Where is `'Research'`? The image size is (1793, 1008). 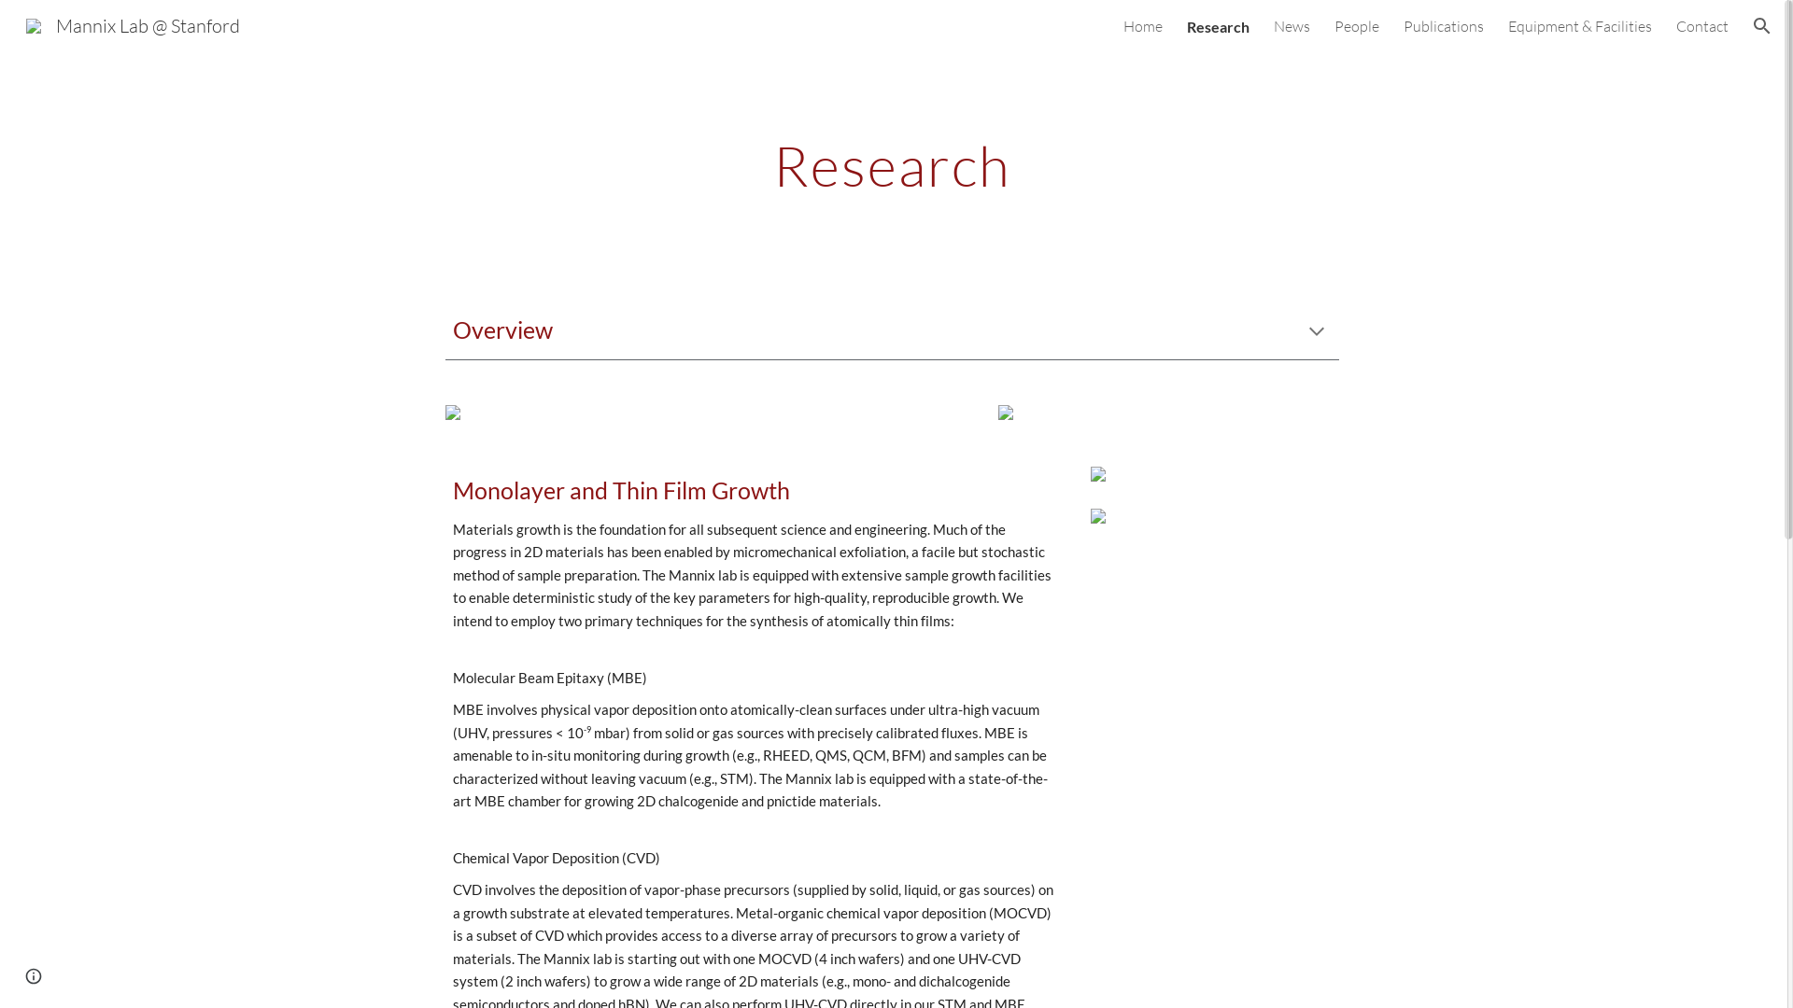 'Research' is located at coordinates (1218, 25).